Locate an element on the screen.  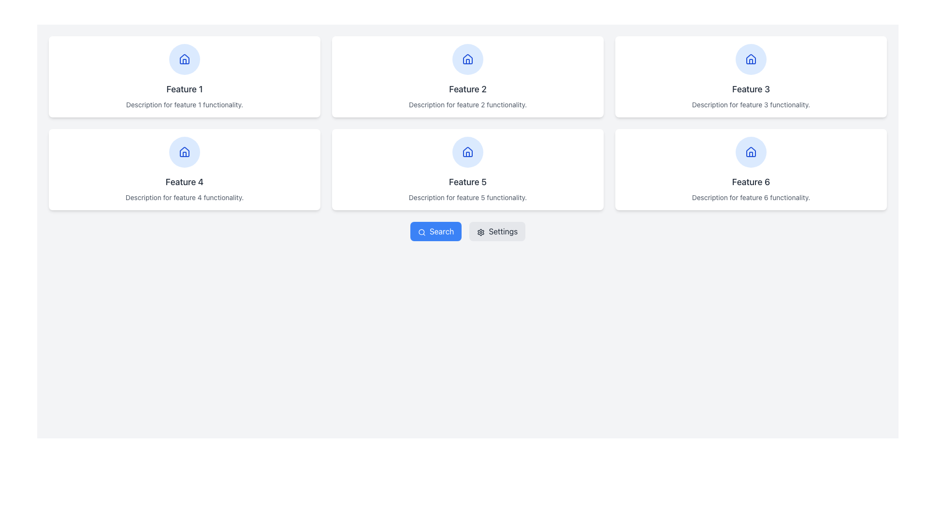
and drag is located at coordinates (751, 182).